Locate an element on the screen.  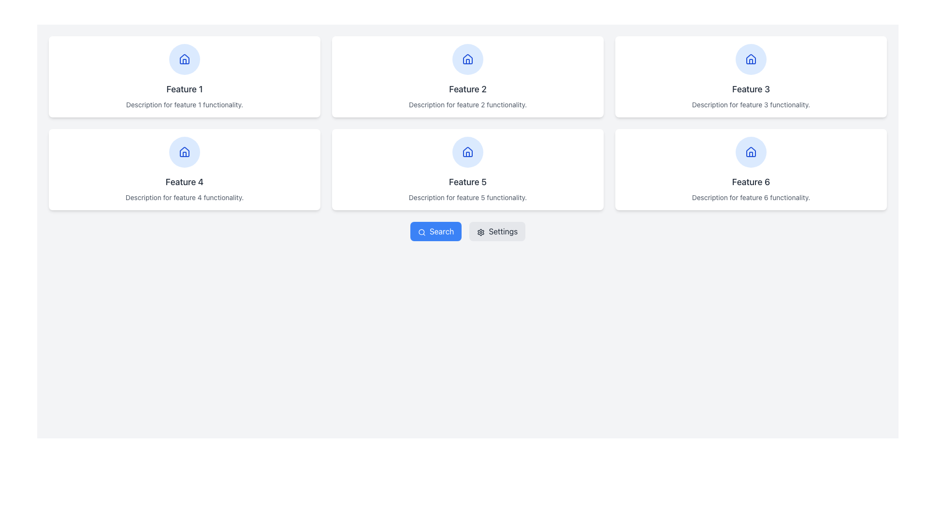
and drag is located at coordinates (751, 182).